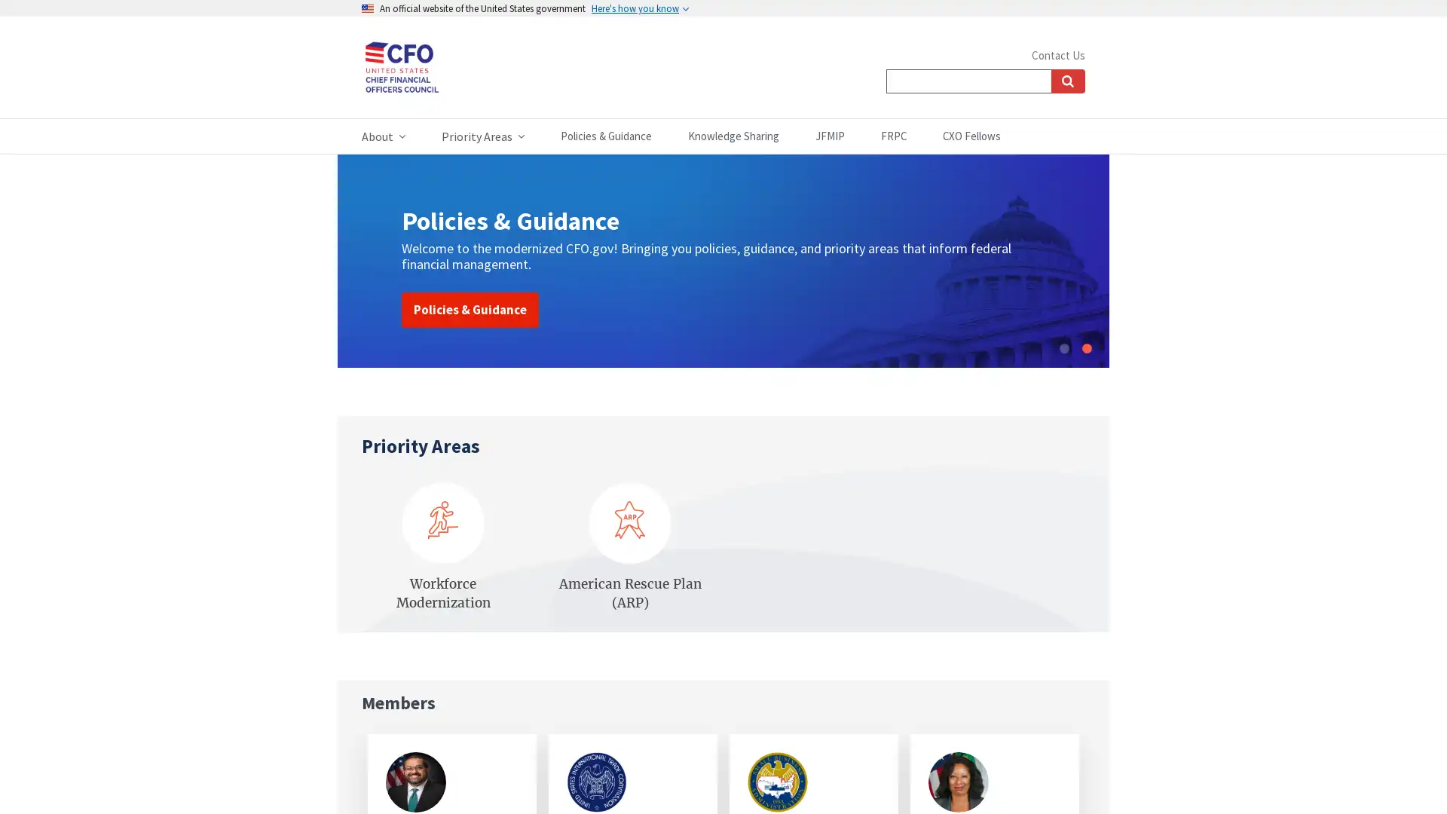  I want to click on Search, so click(1066, 81).